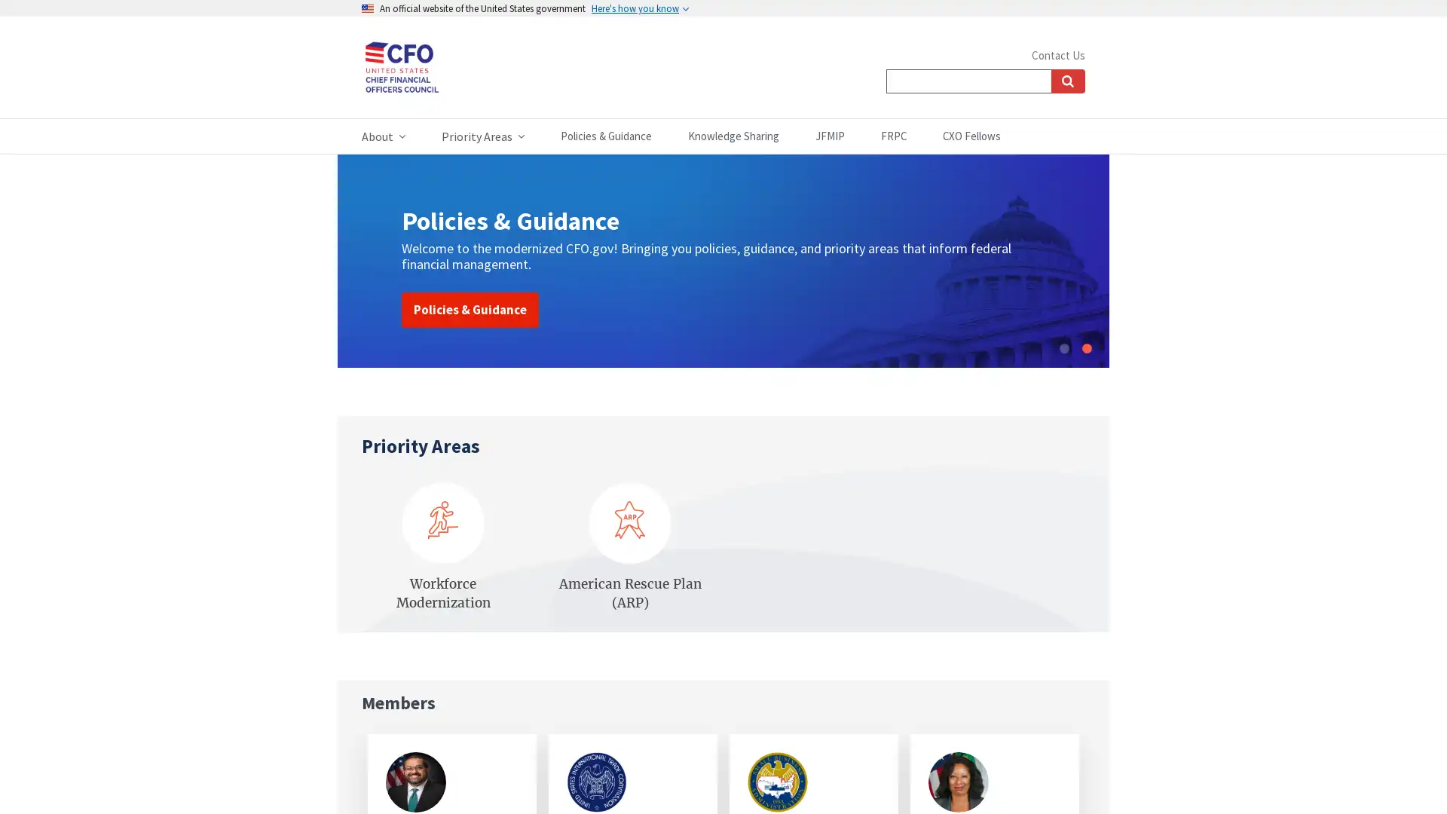  I want to click on Search, so click(1066, 81).